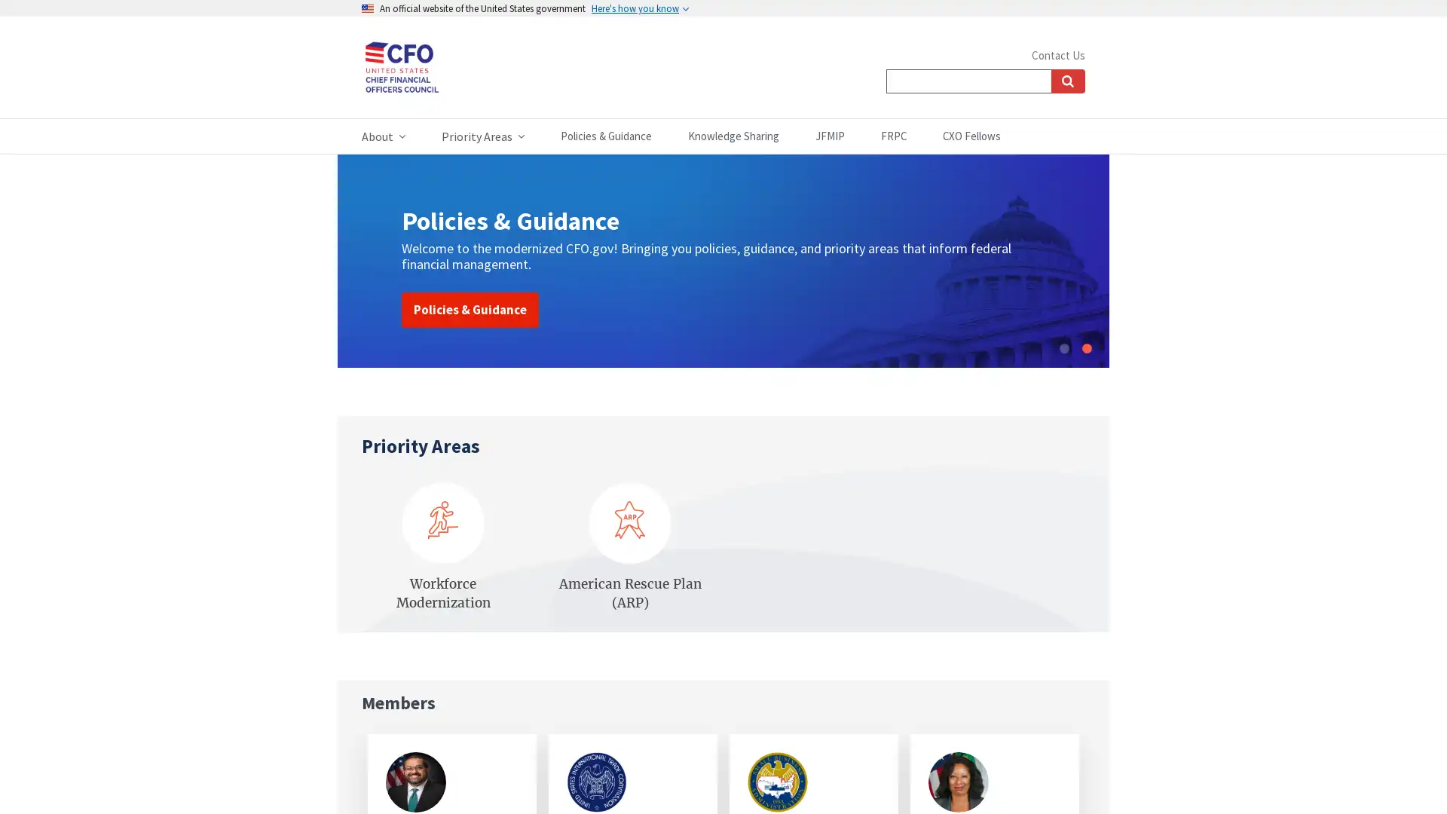  I want to click on Search, so click(1066, 81).